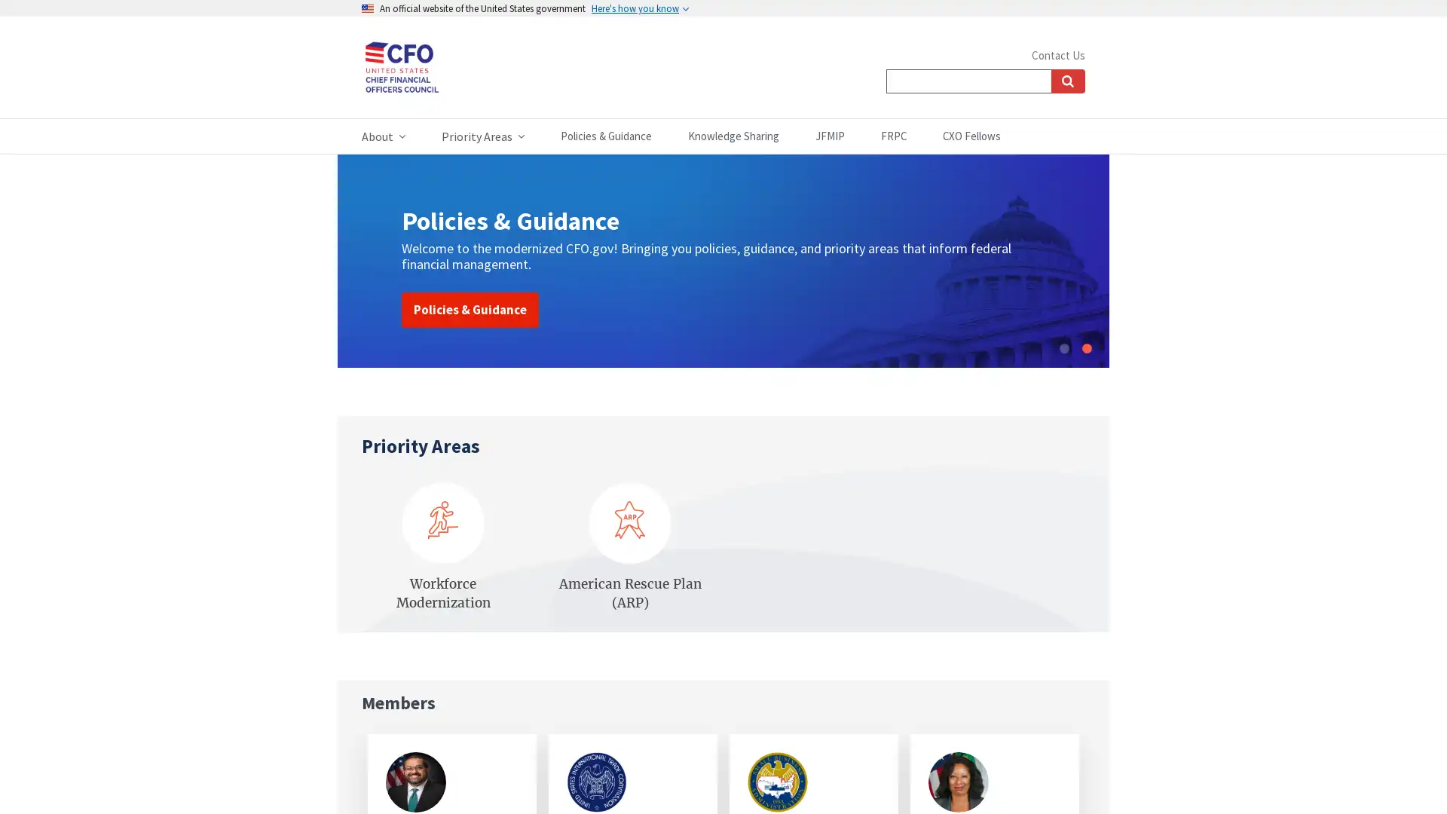  I want to click on Search, so click(1066, 81).